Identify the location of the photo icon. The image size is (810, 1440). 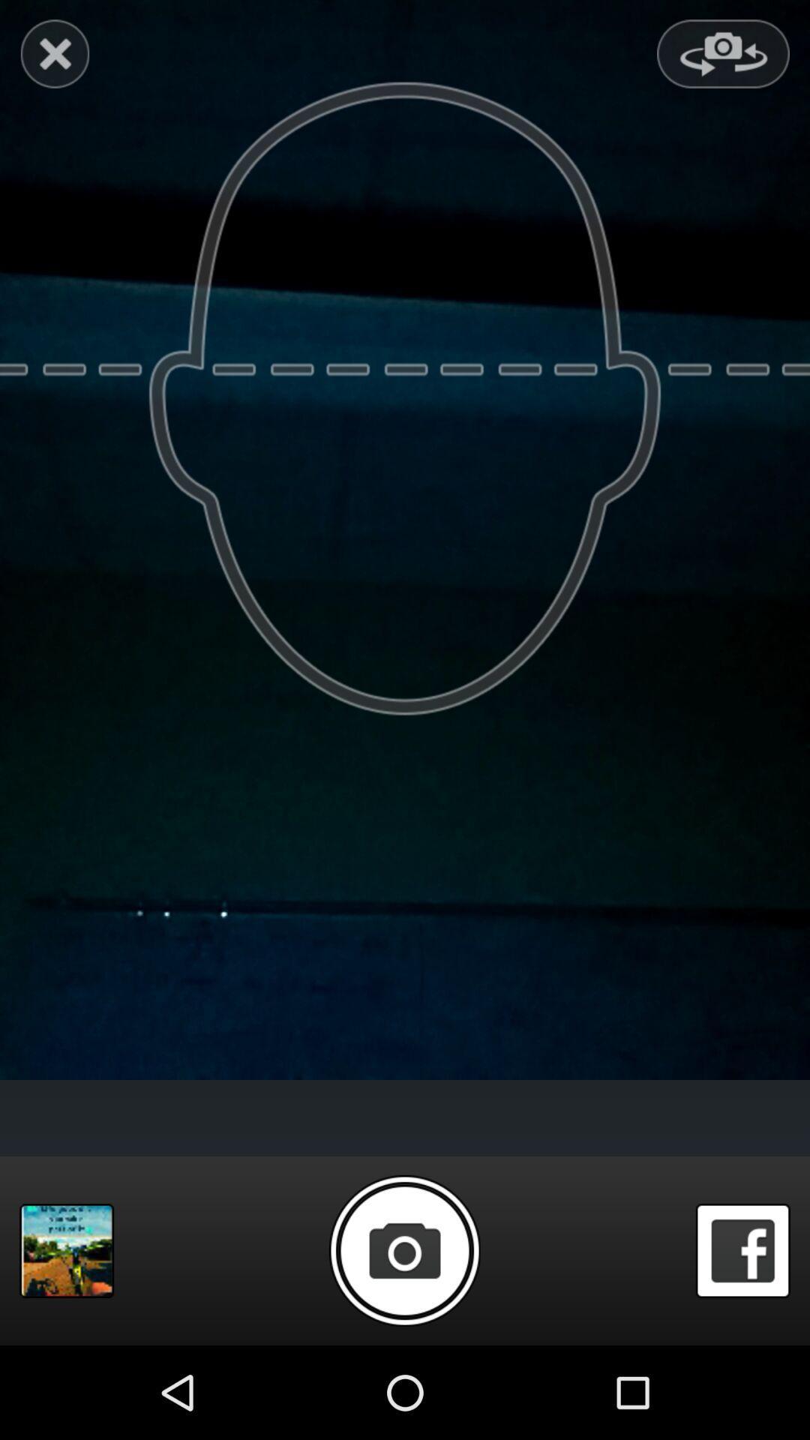
(403, 1338).